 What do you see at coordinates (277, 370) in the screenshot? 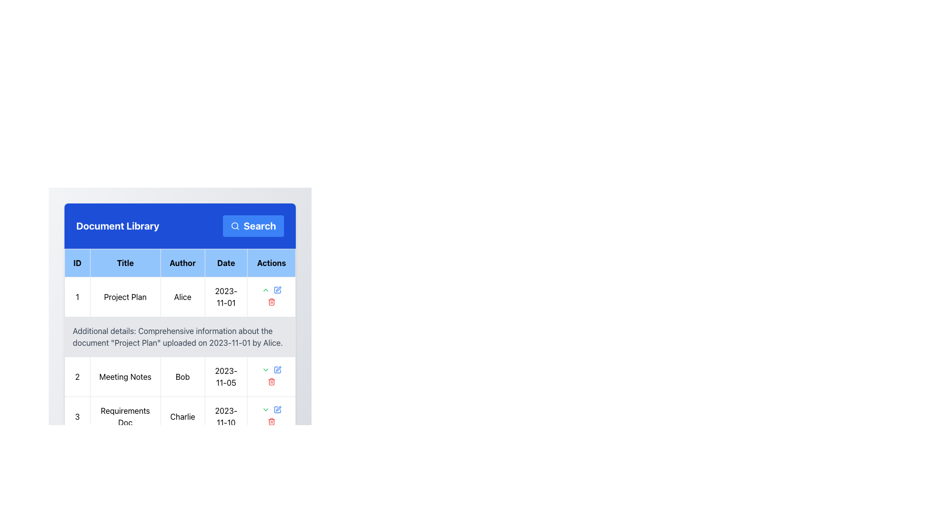
I see `the blue pencil icon button for editing, located in the Actions column of the document entry titled 'Meeting Notes'` at bounding box center [277, 370].